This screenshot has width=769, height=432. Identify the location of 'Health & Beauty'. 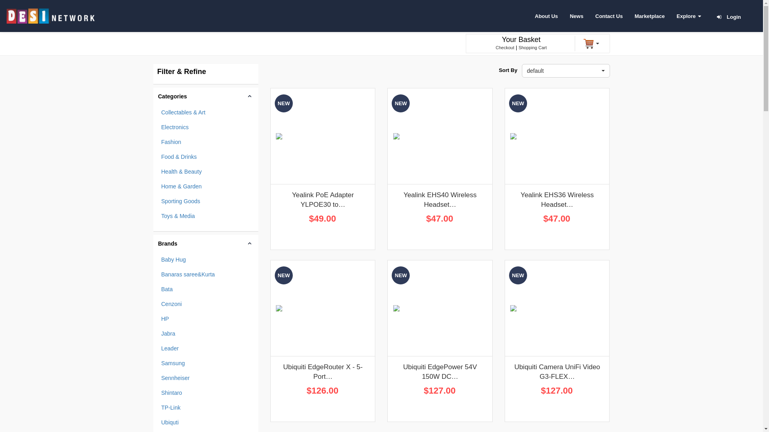
(157, 171).